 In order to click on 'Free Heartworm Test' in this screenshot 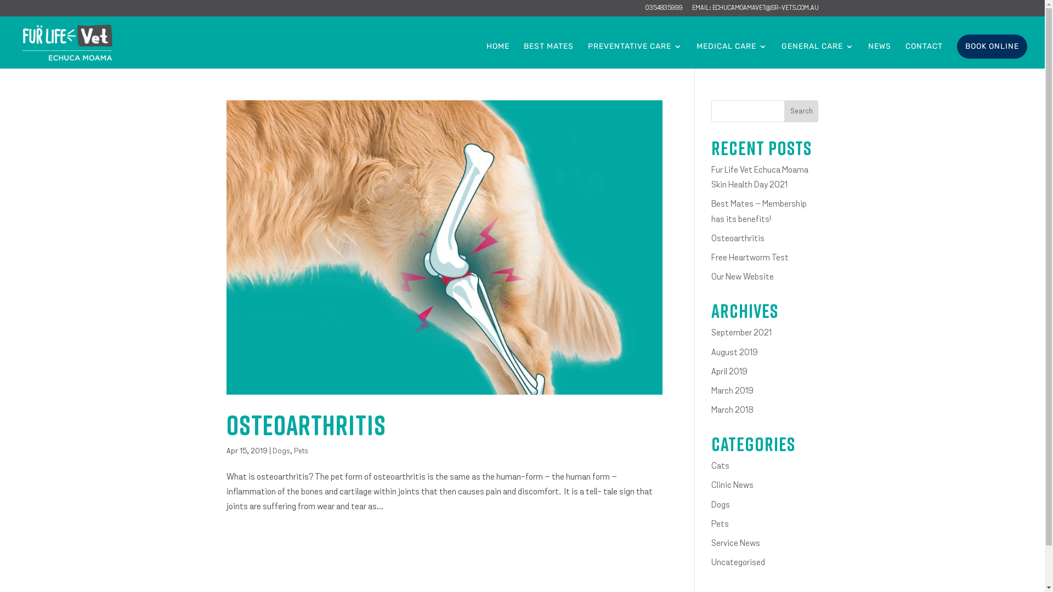, I will do `click(749, 258)`.